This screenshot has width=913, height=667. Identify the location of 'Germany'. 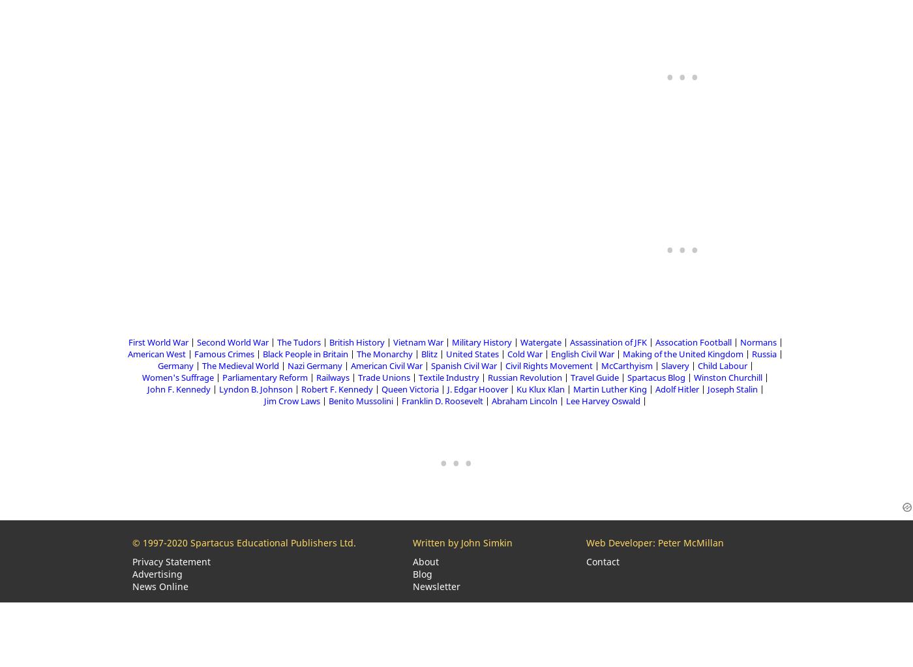
(175, 366).